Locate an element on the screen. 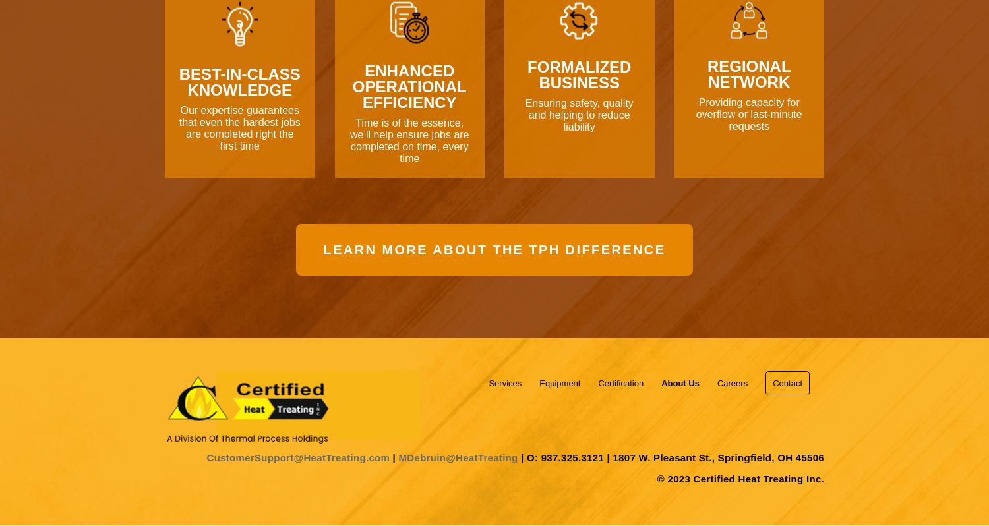 The height and width of the screenshot is (526, 989). 'learn more about the tph difference' is located at coordinates (493, 249).